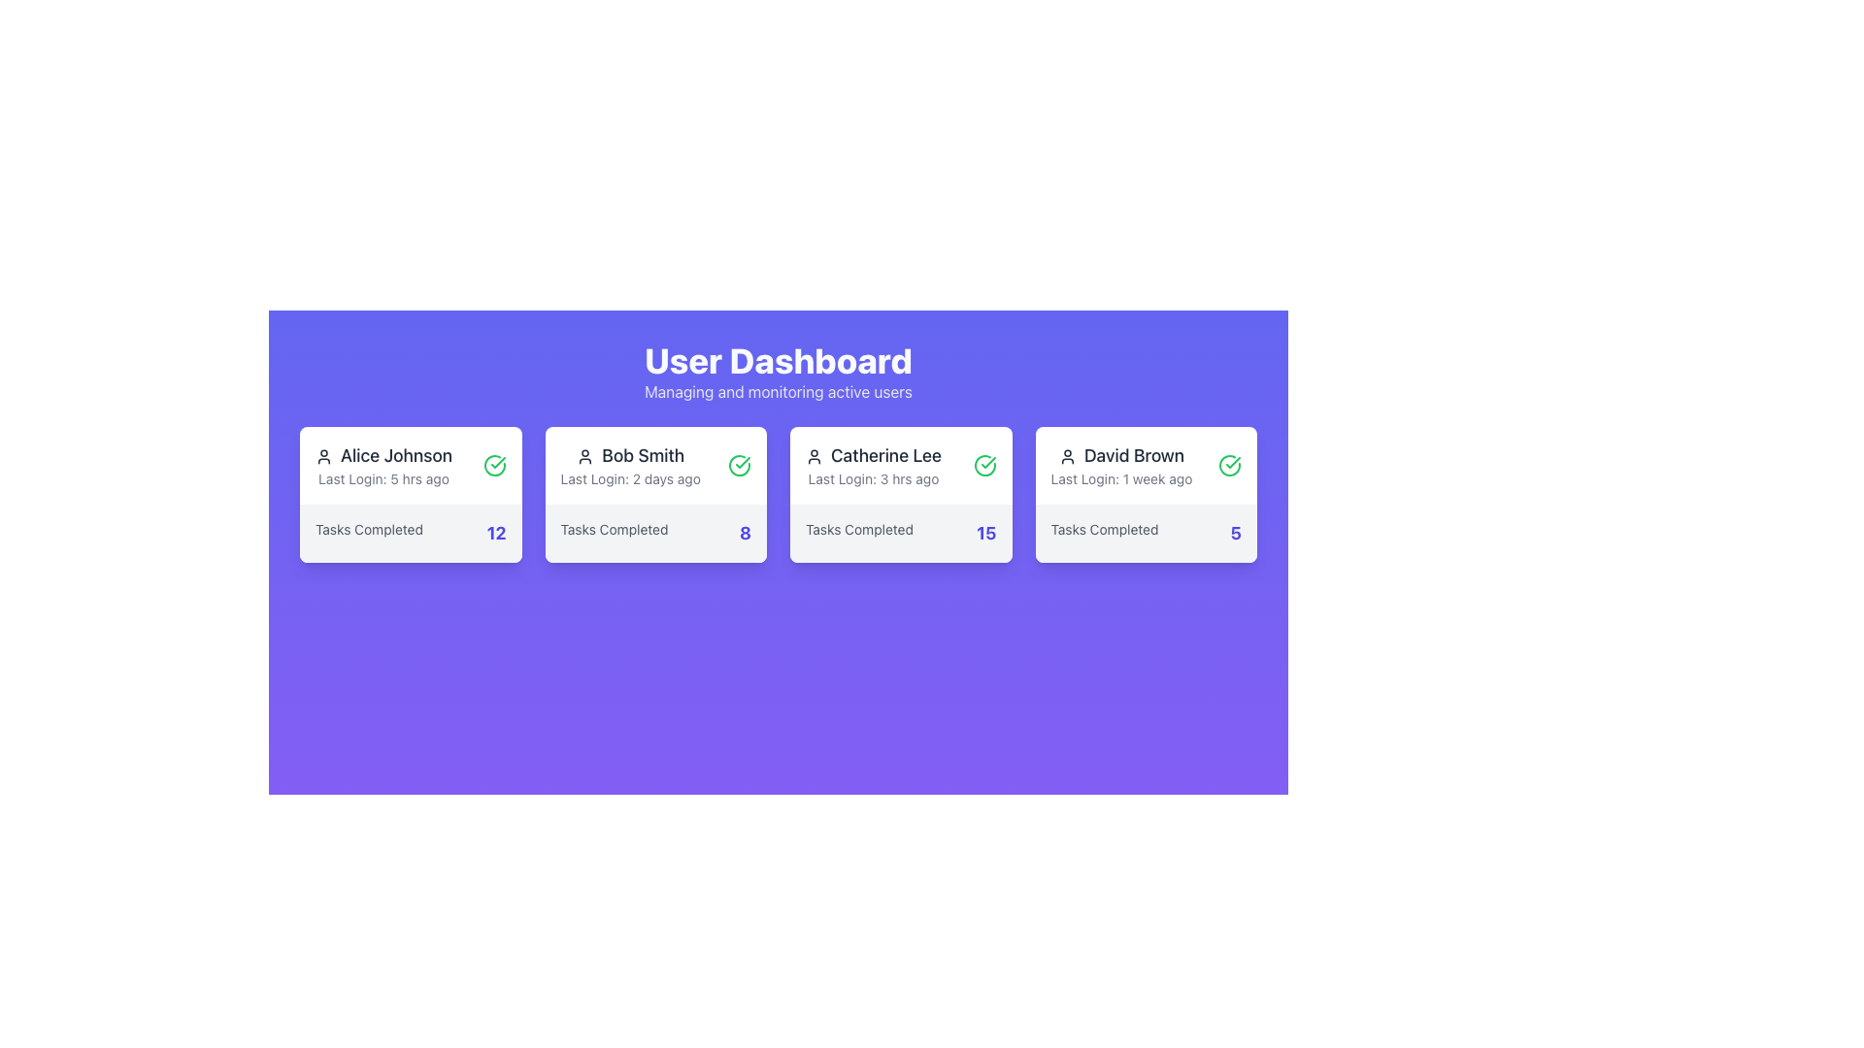  What do you see at coordinates (900, 534) in the screenshot?
I see `content displayed in the text segment showing 'Tasks Completed' and '15', which is located in the bottom portion of the card labeled 'Catherine Lee'` at bounding box center [900, 534].